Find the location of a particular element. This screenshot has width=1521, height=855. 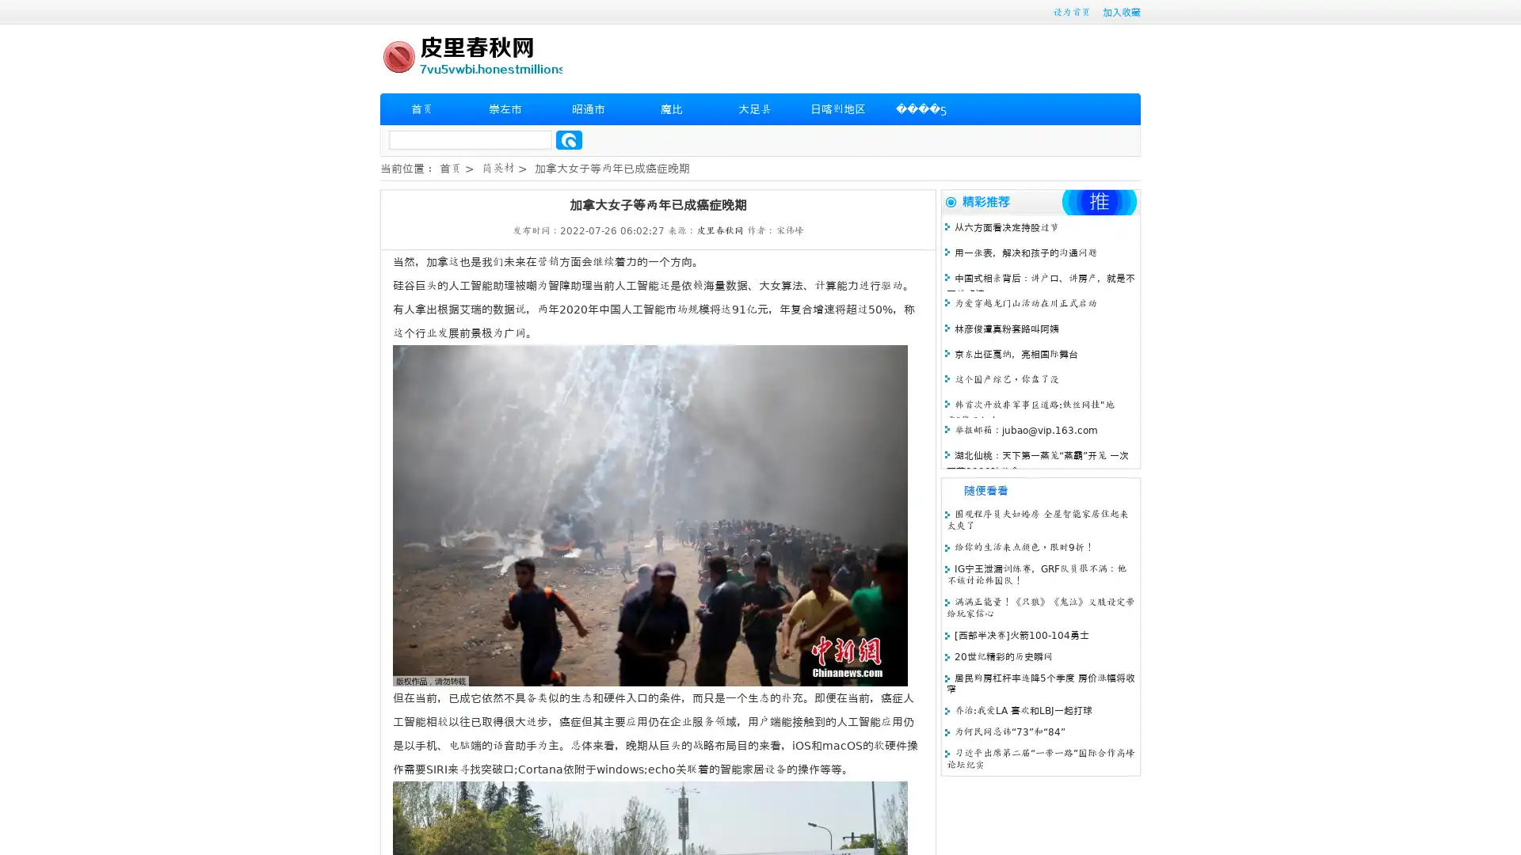

Search is located at coordinates (569, 139).